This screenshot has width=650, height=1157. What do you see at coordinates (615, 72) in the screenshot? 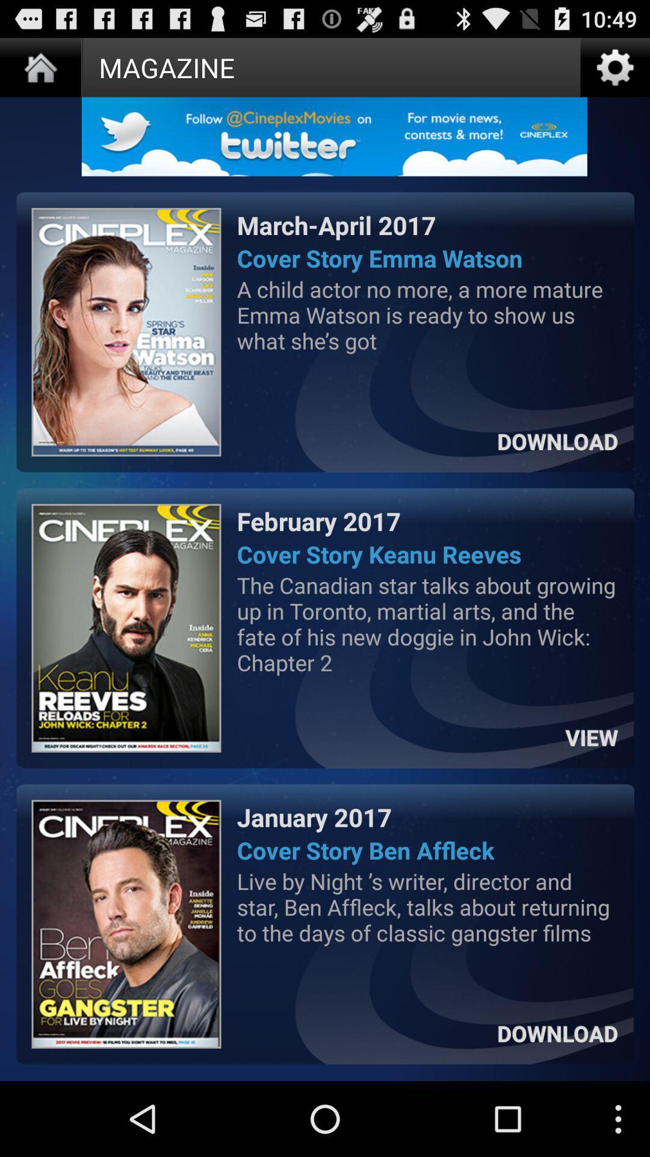
I see `the settings icon` at bounding box center [615, 72].